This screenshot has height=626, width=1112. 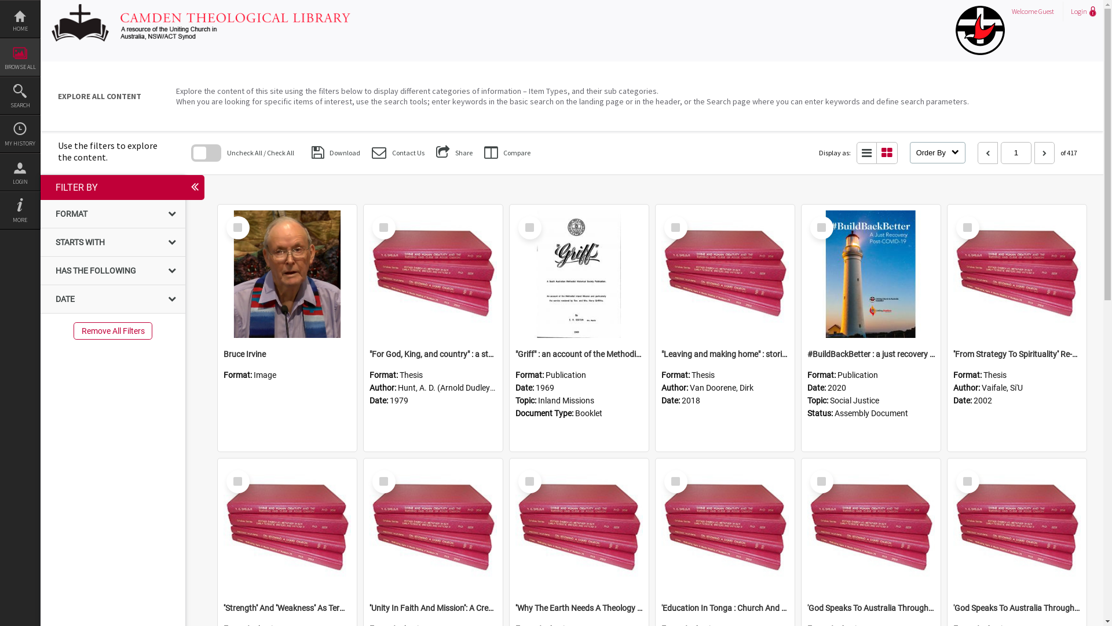 What do you see at coordinates (20, 133) in the screenshot?
I see `'MY HISTORY'` at bounding box center [20, 133].